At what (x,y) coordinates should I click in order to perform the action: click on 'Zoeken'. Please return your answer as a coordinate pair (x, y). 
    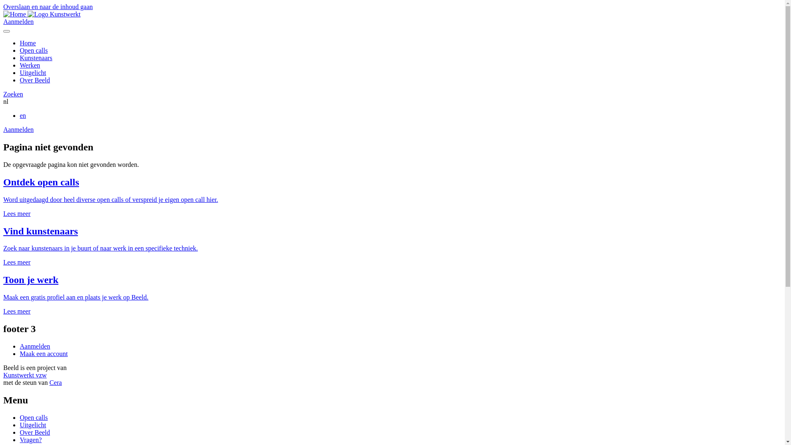
    Looking at the image, I should click on (3, 94).